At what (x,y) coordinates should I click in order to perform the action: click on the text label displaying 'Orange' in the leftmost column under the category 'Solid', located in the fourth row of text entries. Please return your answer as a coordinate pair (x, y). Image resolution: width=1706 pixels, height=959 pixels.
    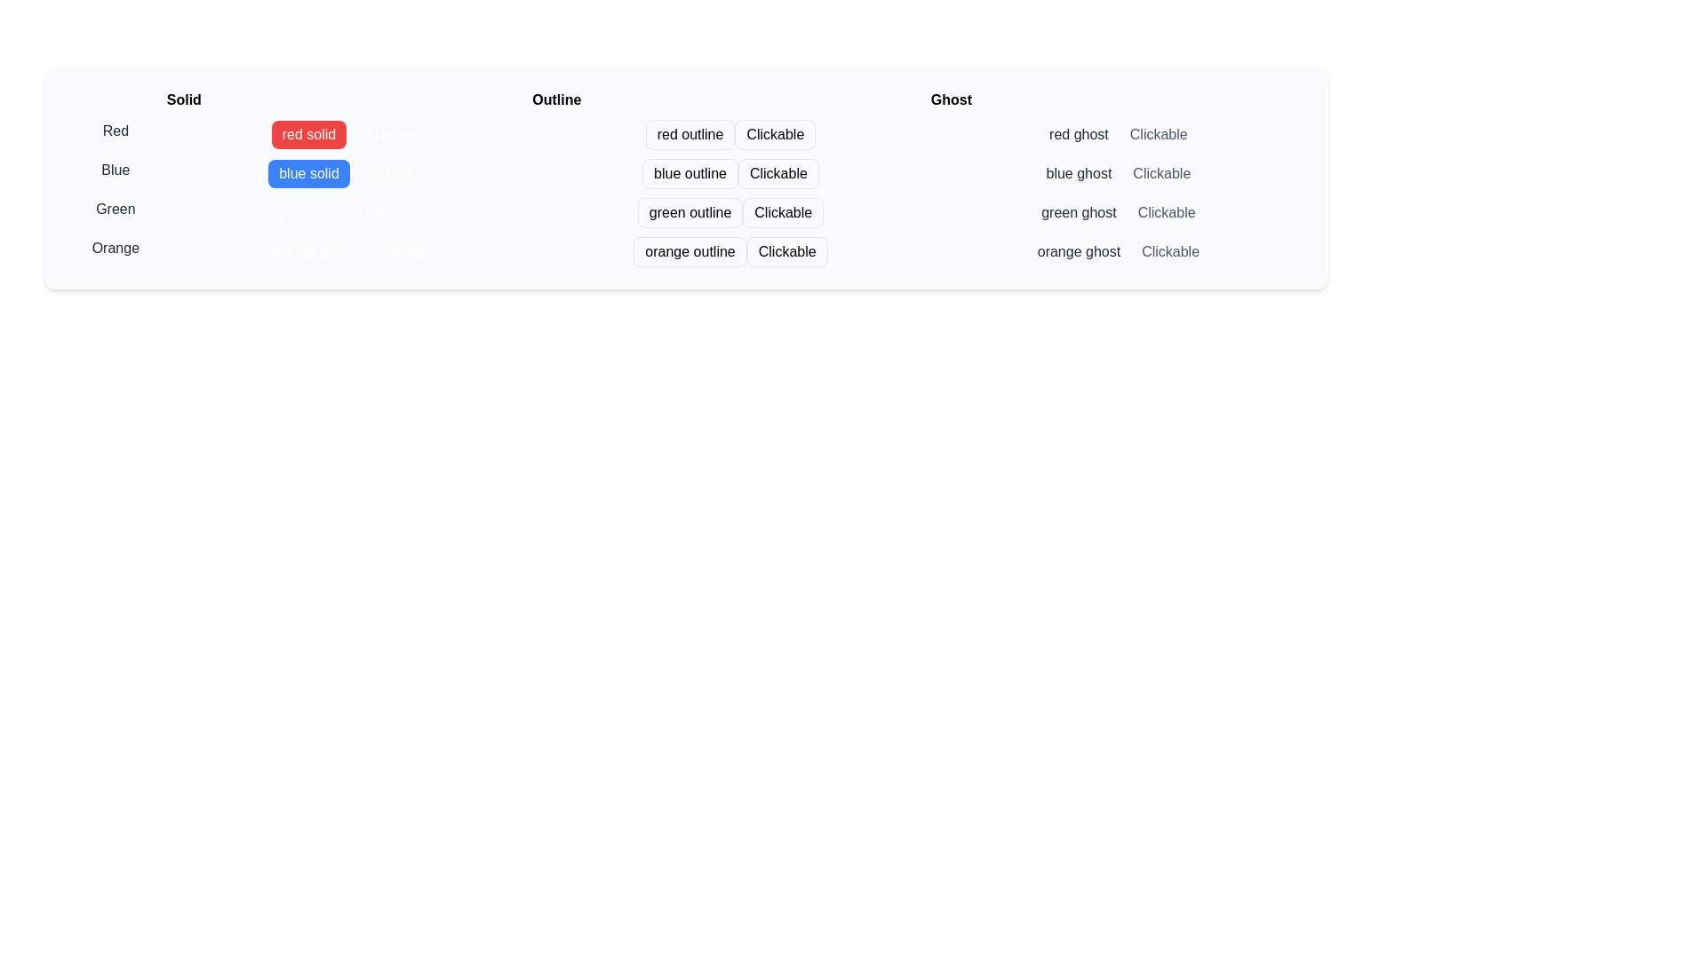
    Looking at the image, I should click on (115, 249).